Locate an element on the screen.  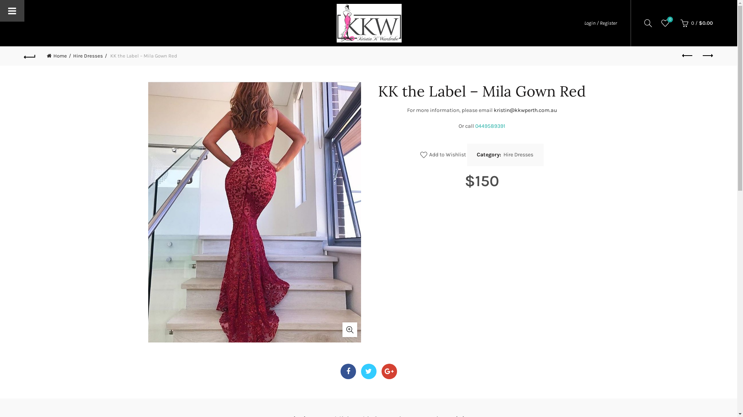
'Previous product' is located at coordinates (687, 56).